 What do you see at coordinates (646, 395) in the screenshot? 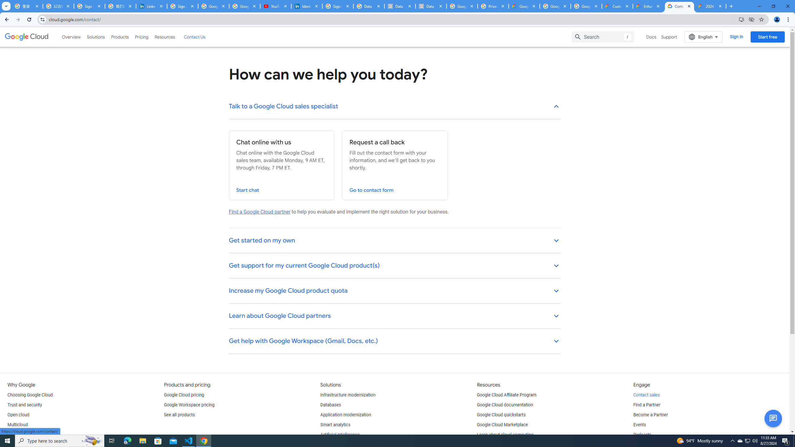
I see `'Contact sales'` at bounding box center [646, 395].